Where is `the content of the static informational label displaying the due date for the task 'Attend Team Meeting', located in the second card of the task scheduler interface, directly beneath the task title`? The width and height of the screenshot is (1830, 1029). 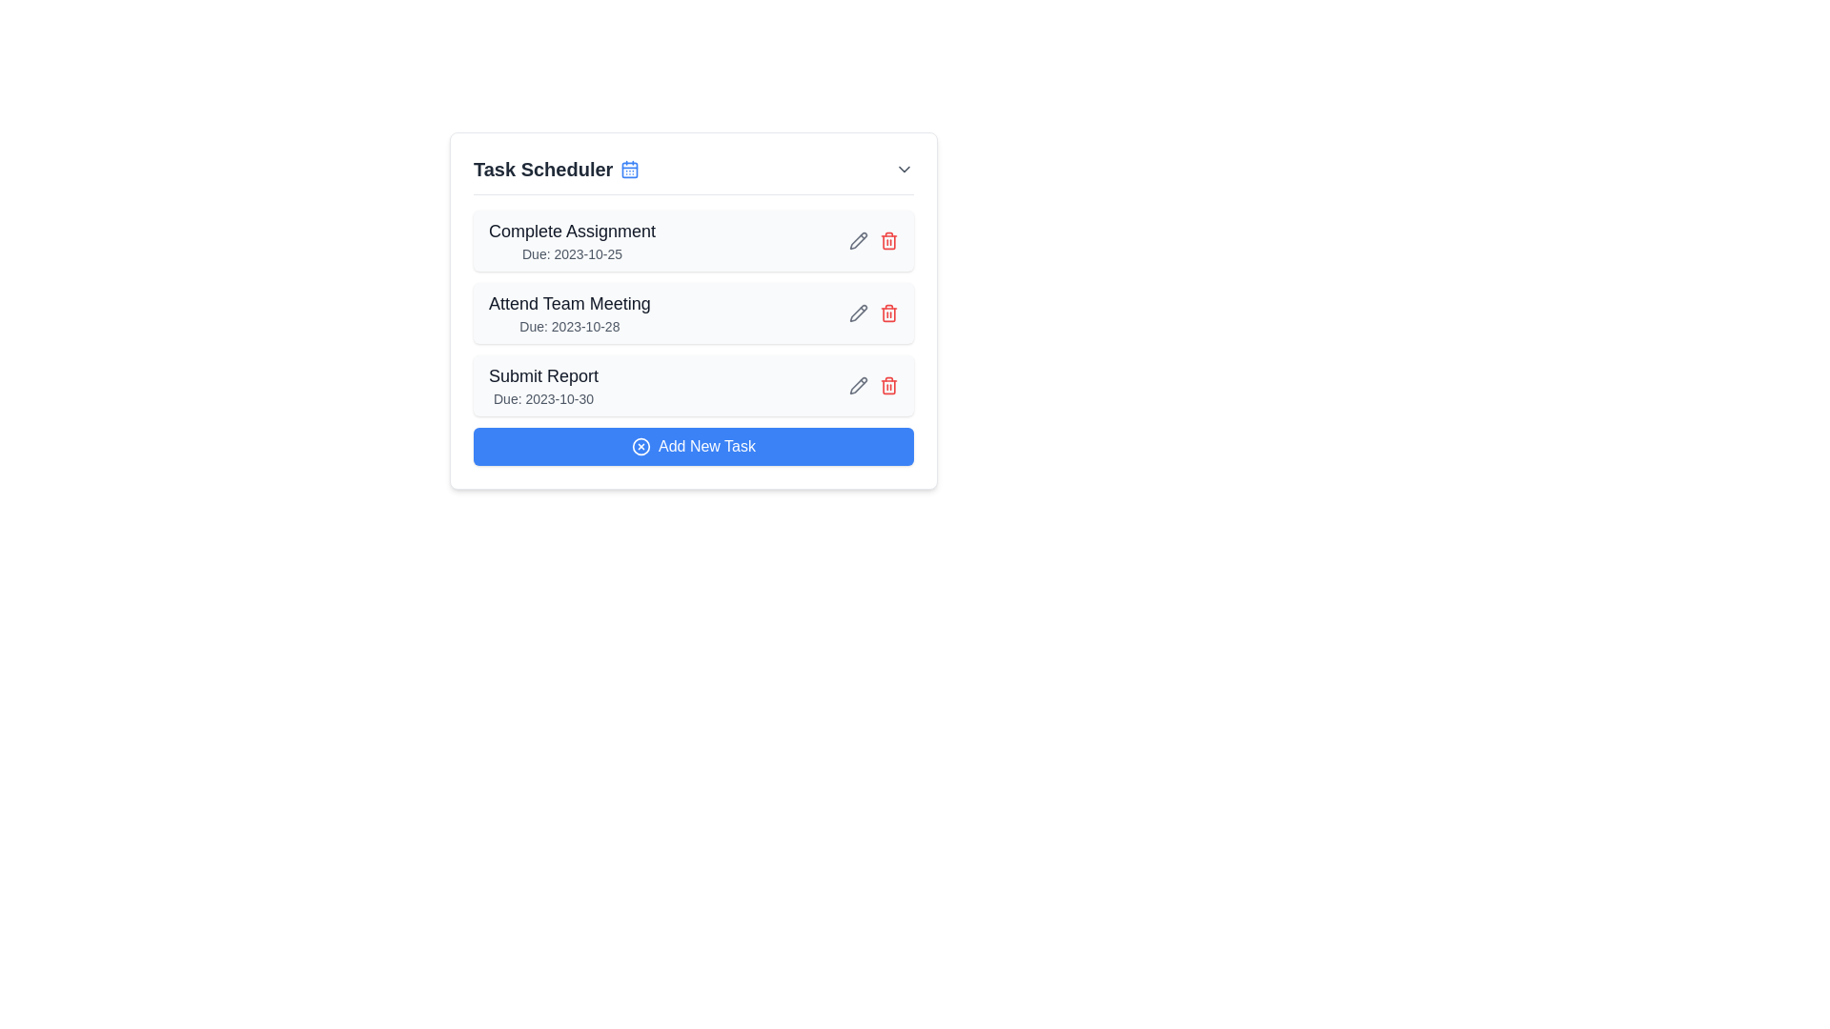 the content of the static informational label displaying the due date for the task 'Attend Team Meeting', located in the second card of the task scheduler interface, directly beneath the task title is located at coordinates (568, 326).